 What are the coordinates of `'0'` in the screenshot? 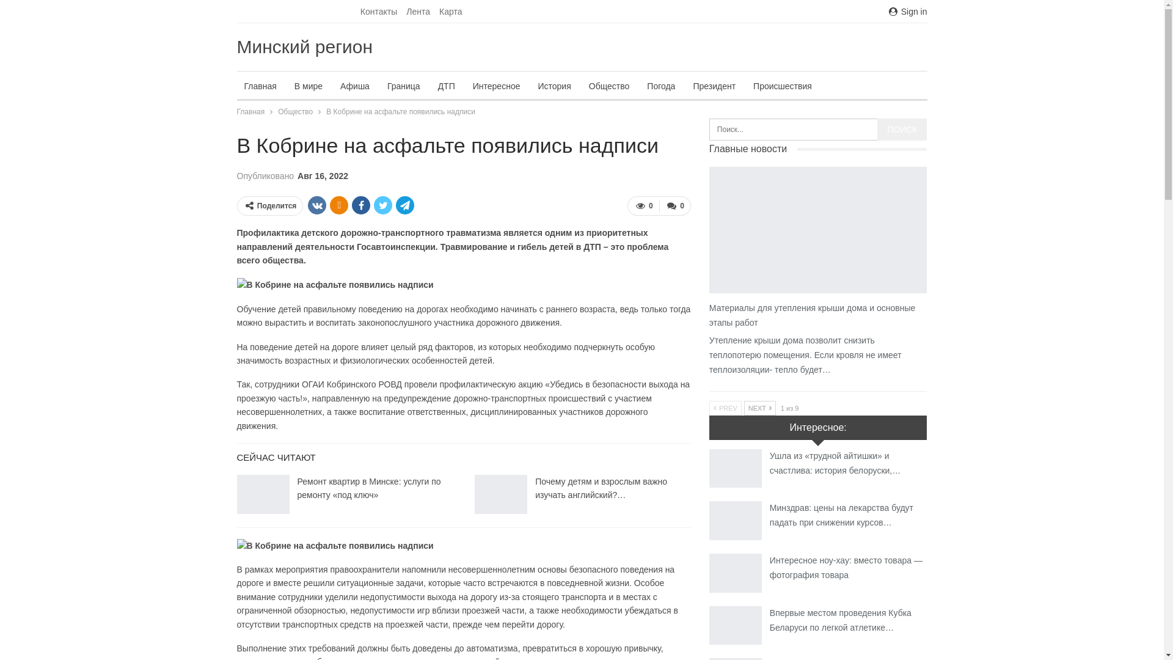 It's located at (674, 205).